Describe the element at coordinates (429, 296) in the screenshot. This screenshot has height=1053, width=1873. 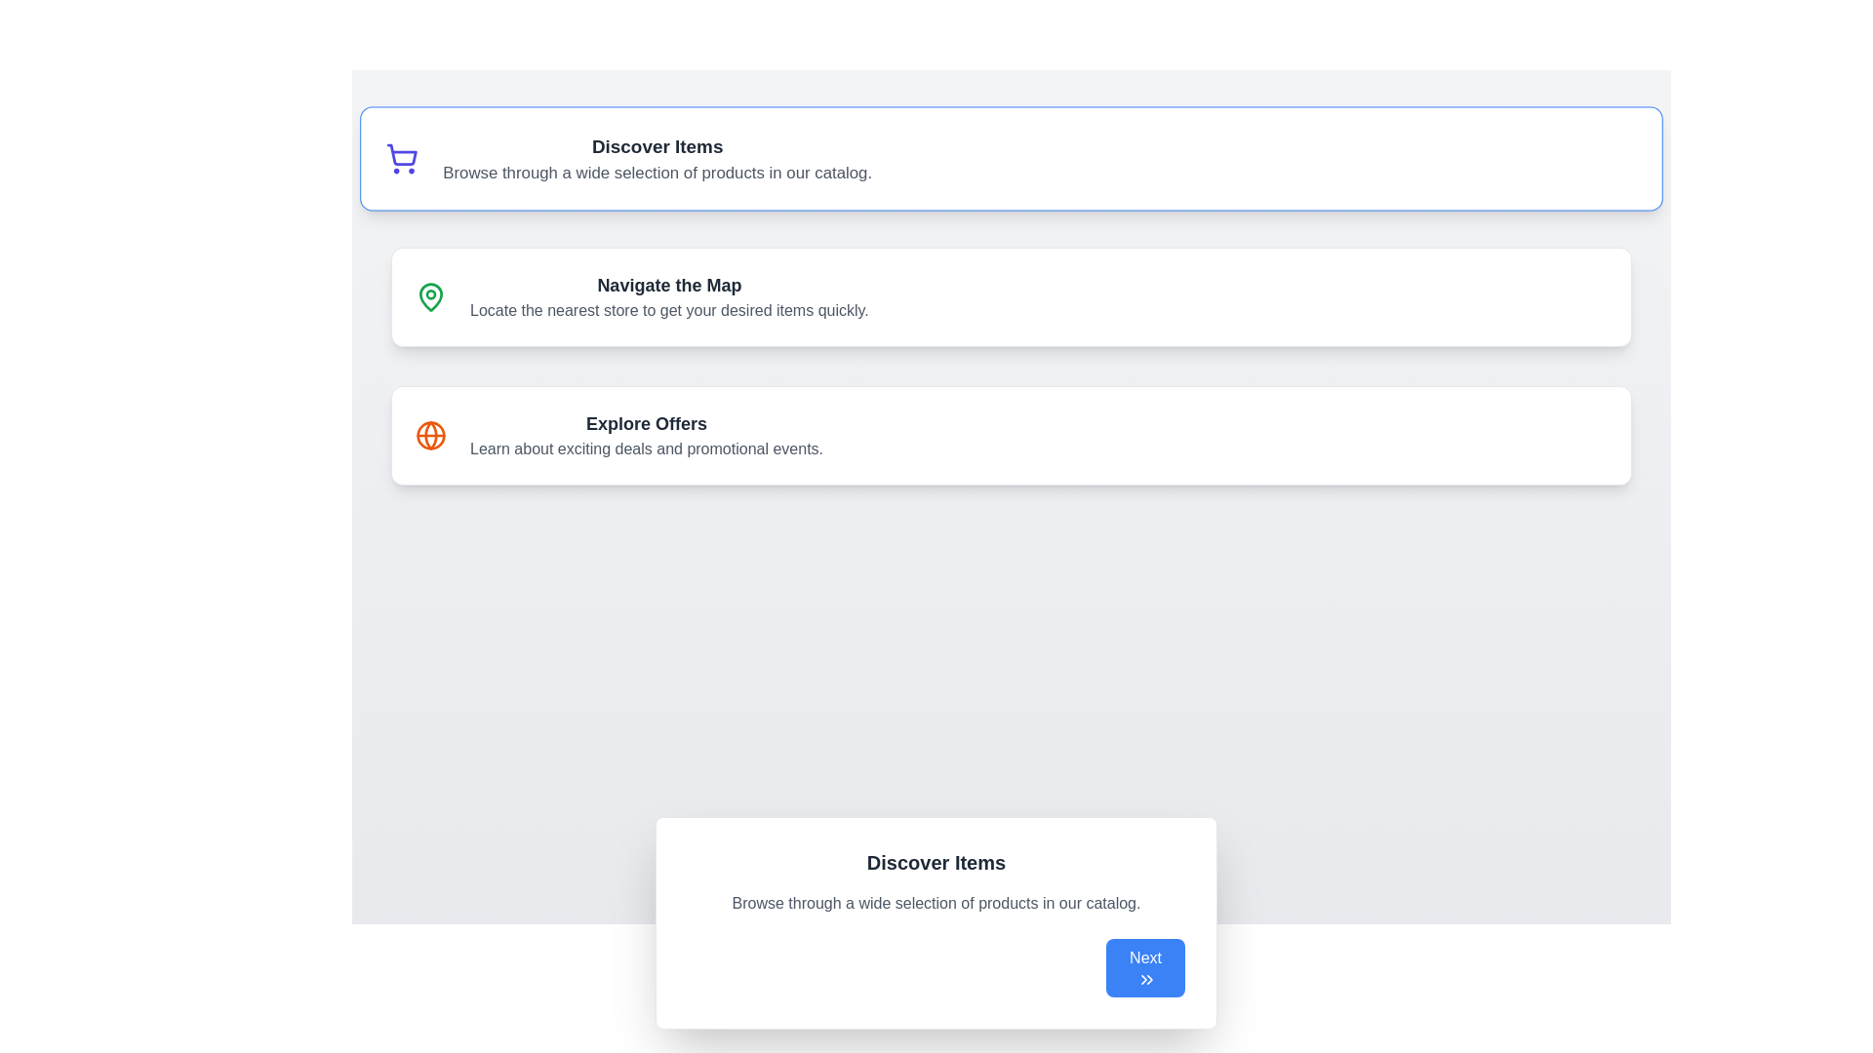
I see `the green map pin icon located in the top-left corner of the 'Navigate the Map' card, positioned just before the title text` at that location.